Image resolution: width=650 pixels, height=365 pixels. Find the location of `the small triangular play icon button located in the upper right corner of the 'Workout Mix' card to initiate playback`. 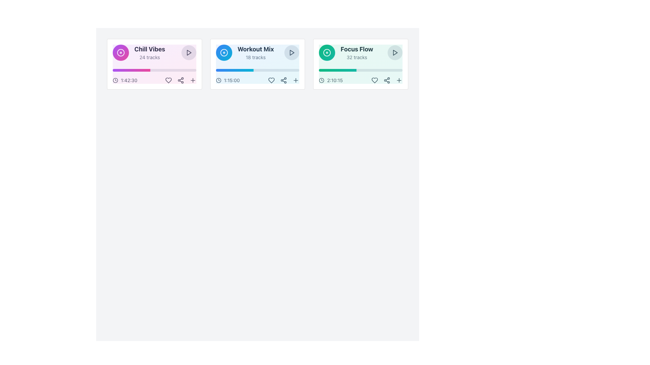

the small triangular play icon button located in the upper right corner of the 'Workout Mix' card to initiate playback is located at coordinates (292, 52).